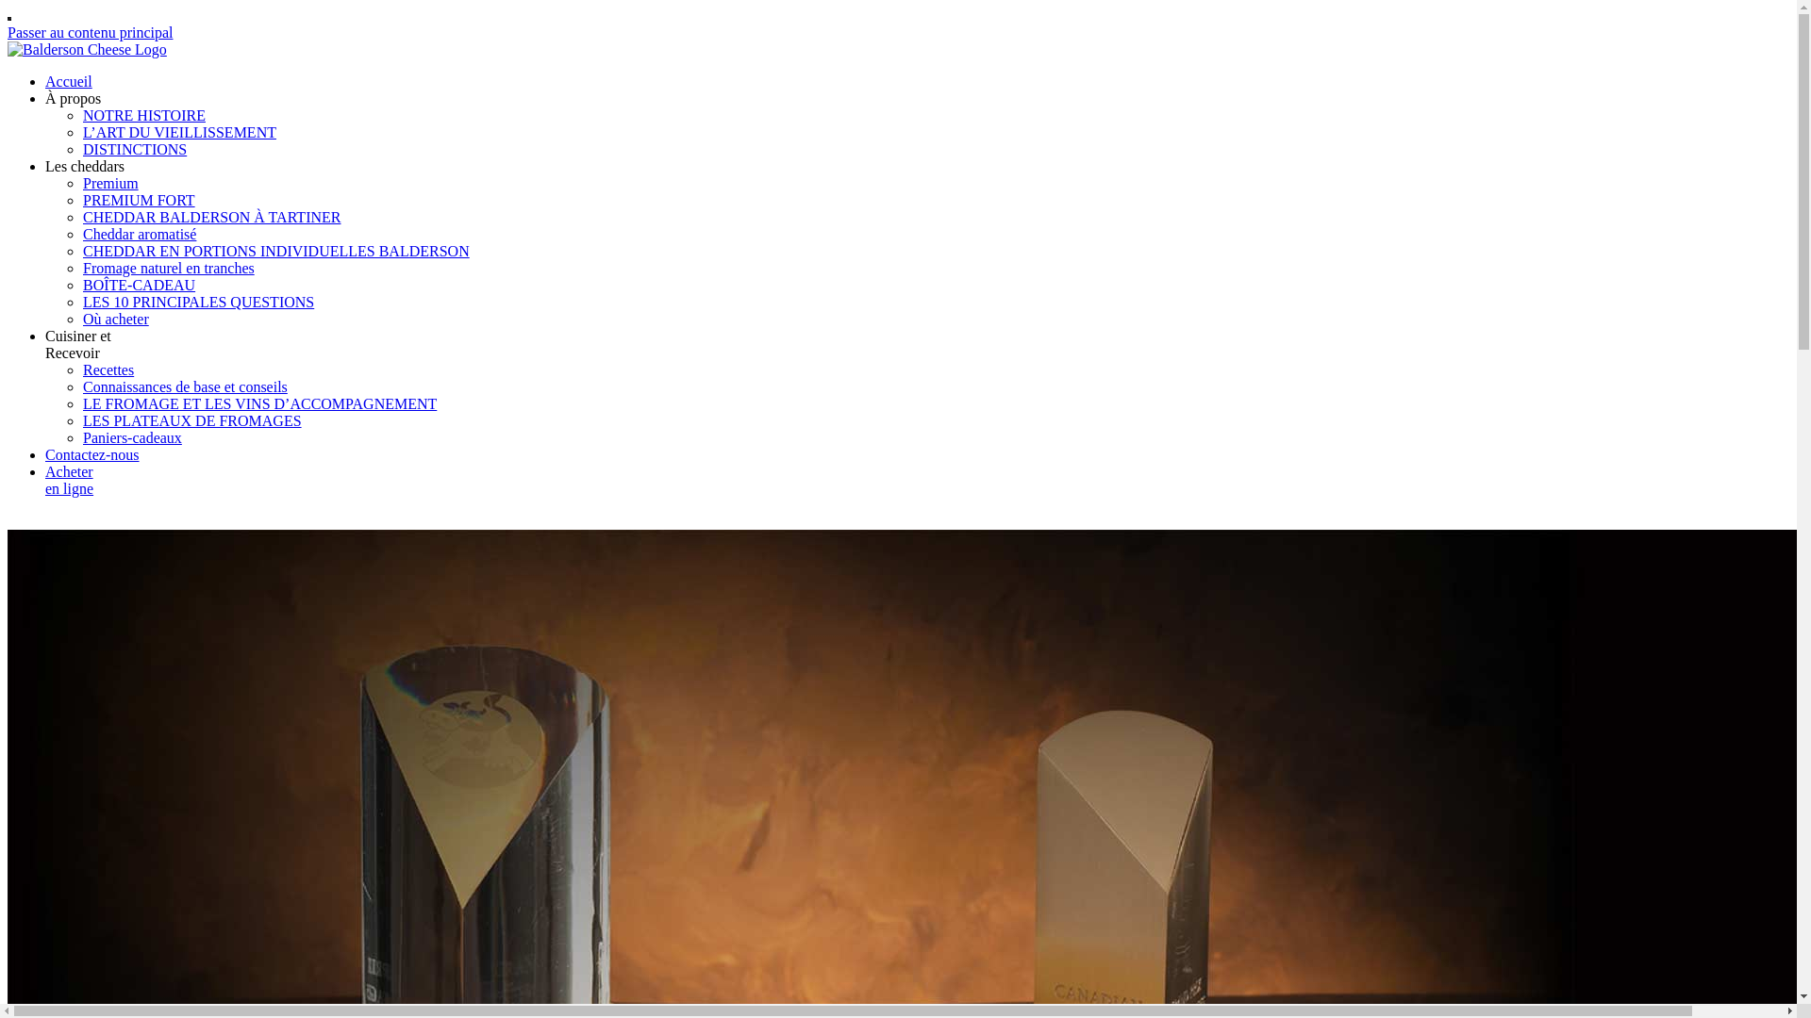 The height and width of the screenshot is (1018, 1811). I want to click on 'Fromage naturel en tranches', so click(168, 268).